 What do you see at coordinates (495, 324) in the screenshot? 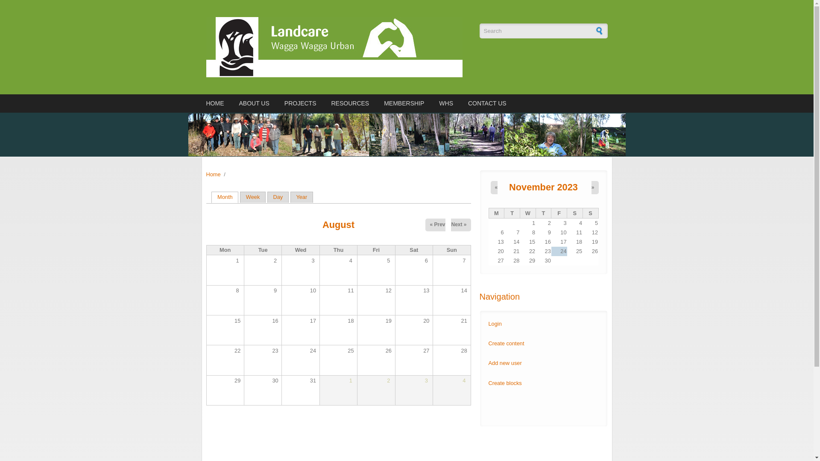
I see `'Login'` at bounding box center [495, 324].